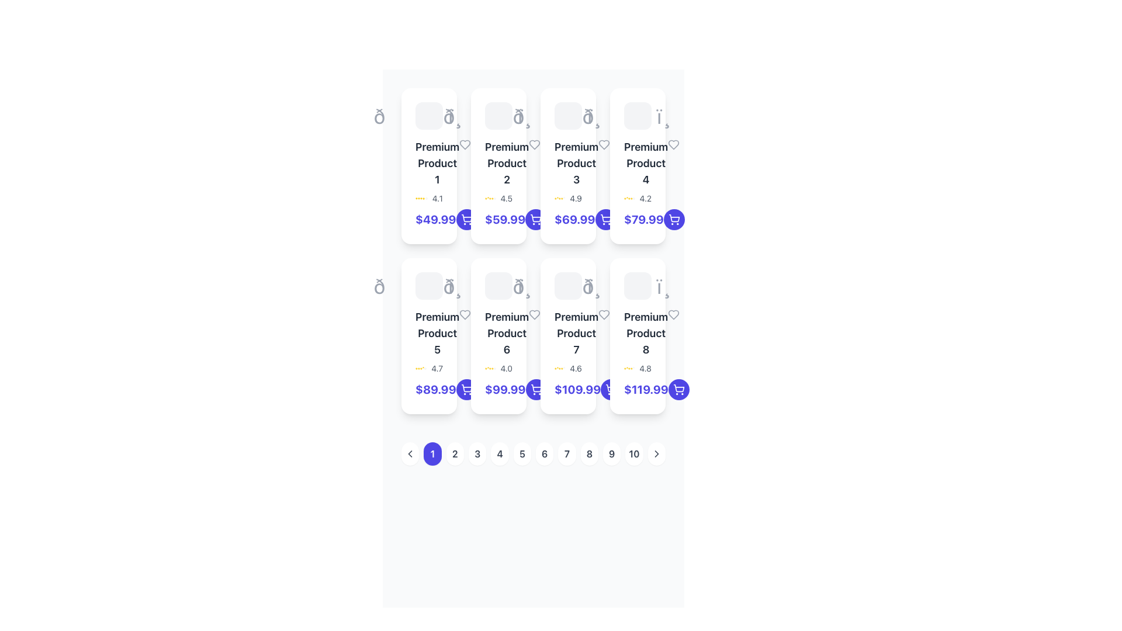 The height and width of the screenshot is (631, 1122). I want to click on price value displayed in the bold indigo text label indicating the price of the product within the 'Premium Product 5' card, so click(428, 390).